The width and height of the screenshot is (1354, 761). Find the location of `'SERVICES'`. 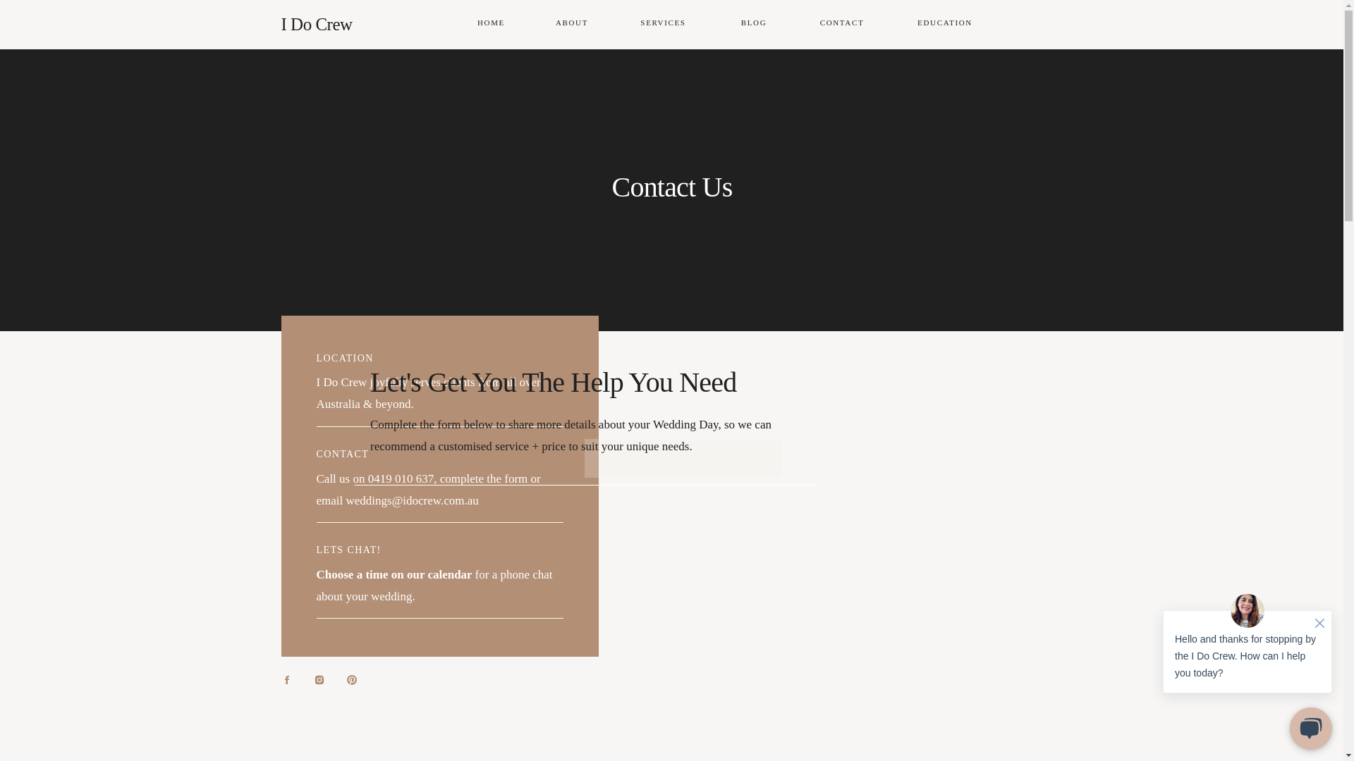

'SERVICES' is located at coordinates (634, 24).